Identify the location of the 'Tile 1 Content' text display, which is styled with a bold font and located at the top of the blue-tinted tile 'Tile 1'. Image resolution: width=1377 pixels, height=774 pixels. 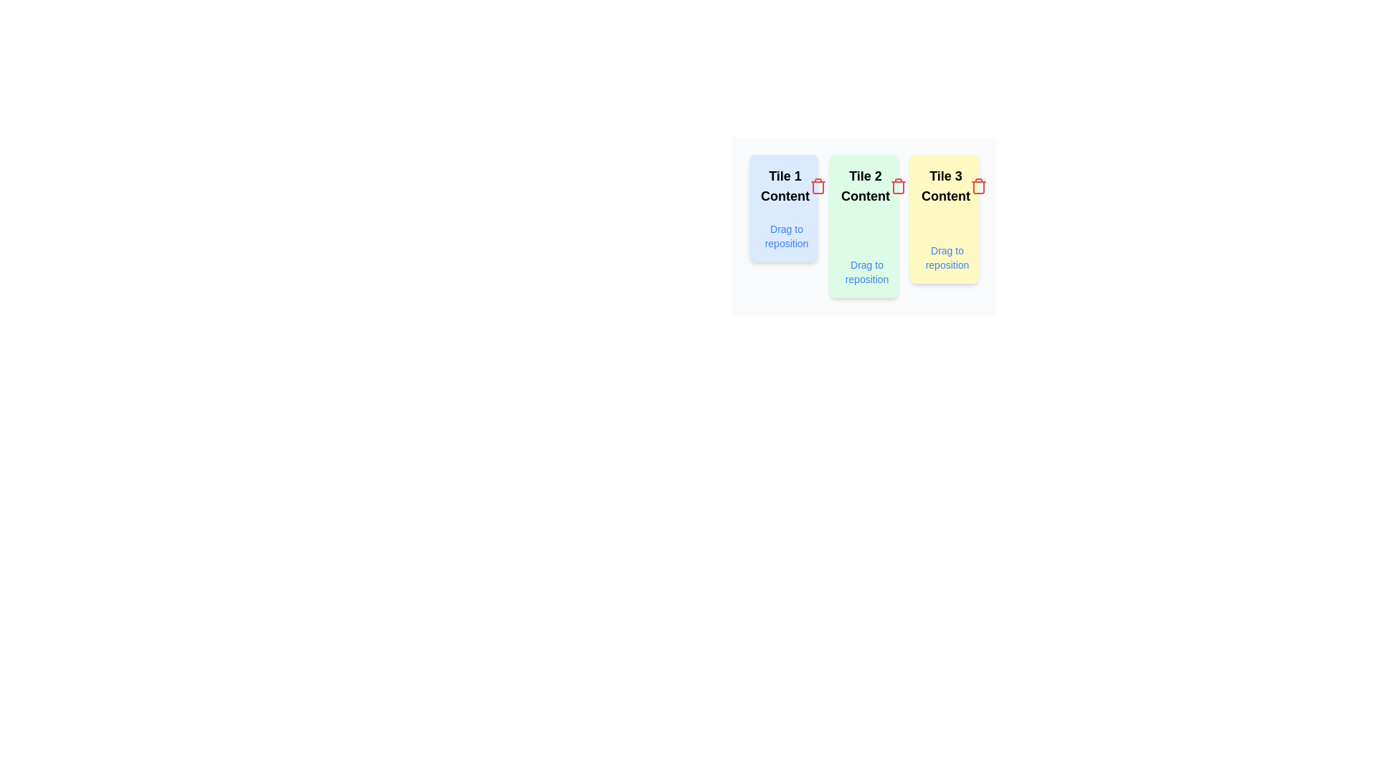
(783, 185).